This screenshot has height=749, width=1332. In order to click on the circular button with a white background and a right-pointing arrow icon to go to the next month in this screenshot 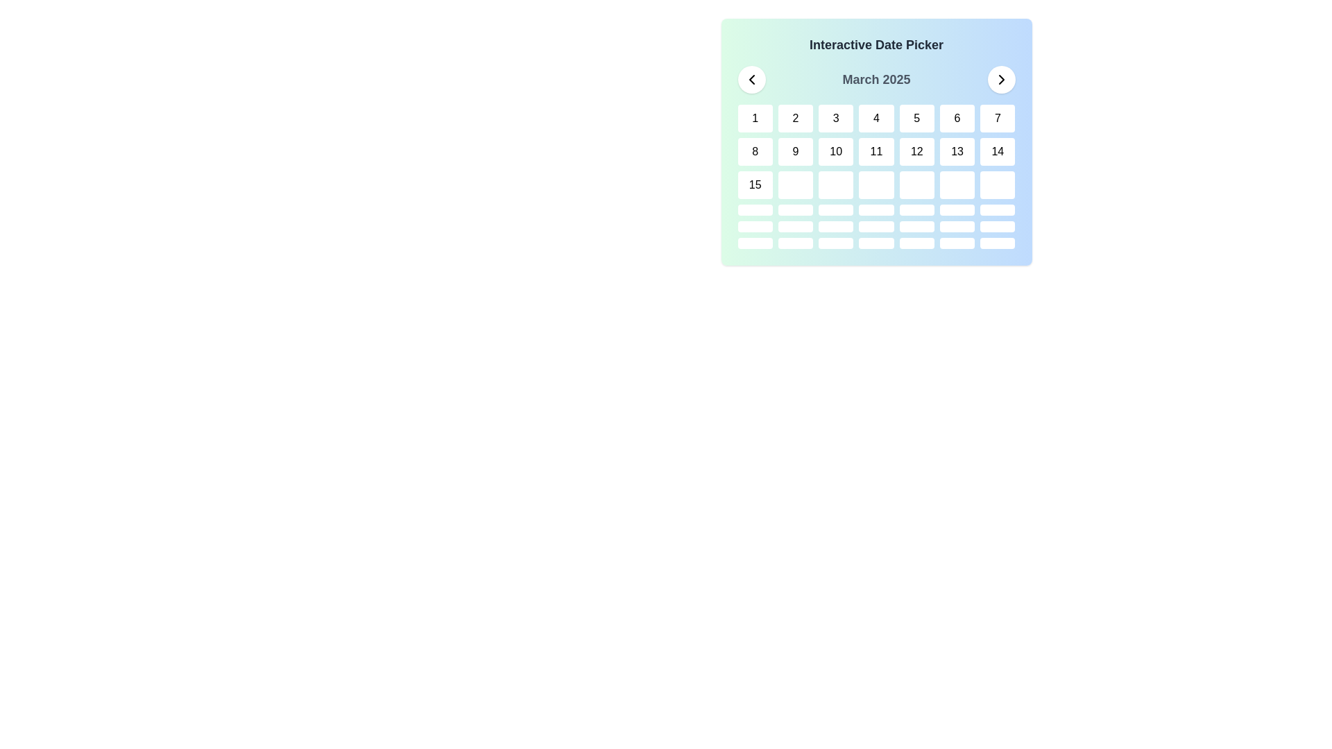, I will do `click(1001, 80)`.